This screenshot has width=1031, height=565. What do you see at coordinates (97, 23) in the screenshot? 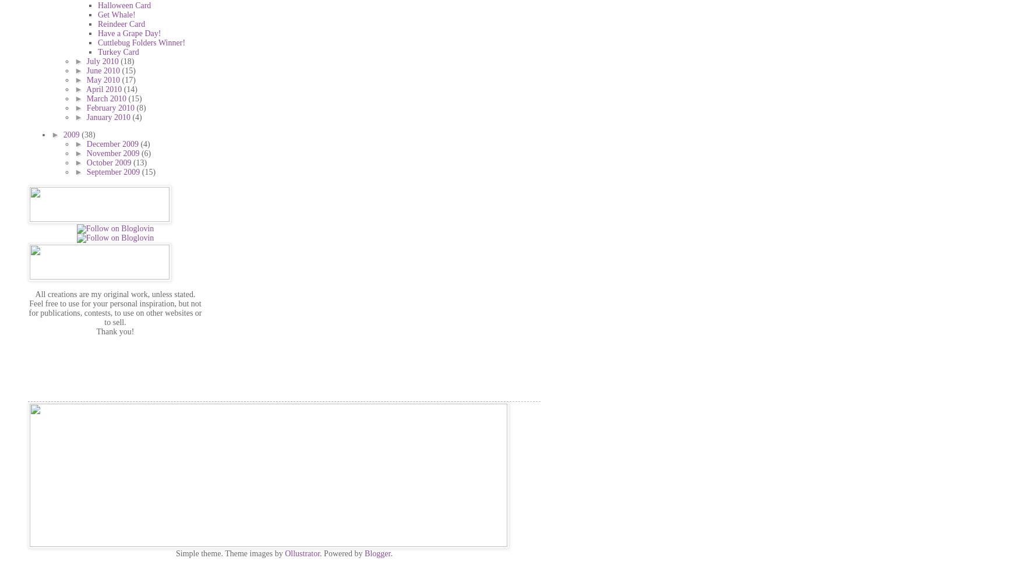
I see `'Reindeer Card'` at bounding box center [97, 23].